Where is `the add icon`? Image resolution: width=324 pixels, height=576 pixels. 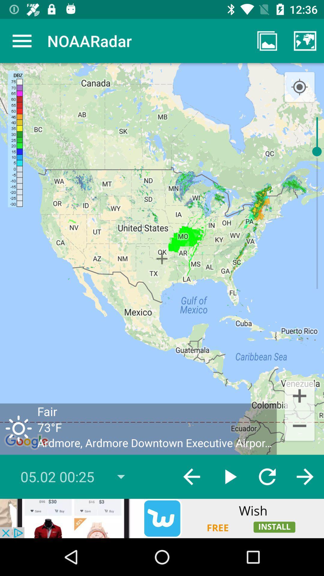 the add icon is located at coordinates (299, 395).